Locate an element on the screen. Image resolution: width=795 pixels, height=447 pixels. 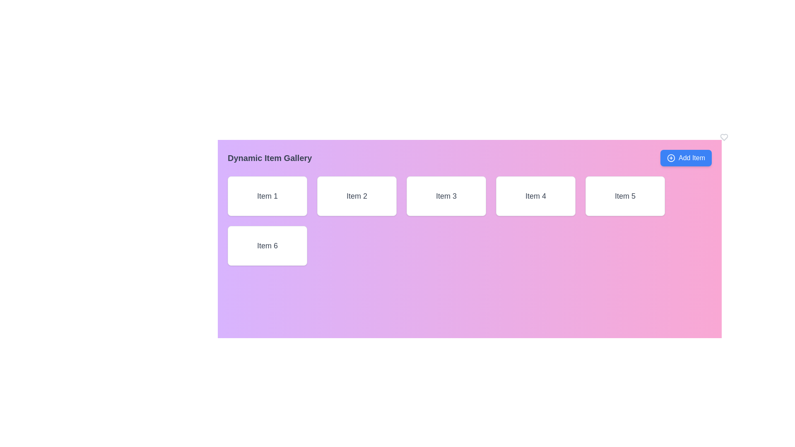
the '+' icon within the 'Add Item' button located in the top-right corner of the interface is located at coordinates (671, 158).